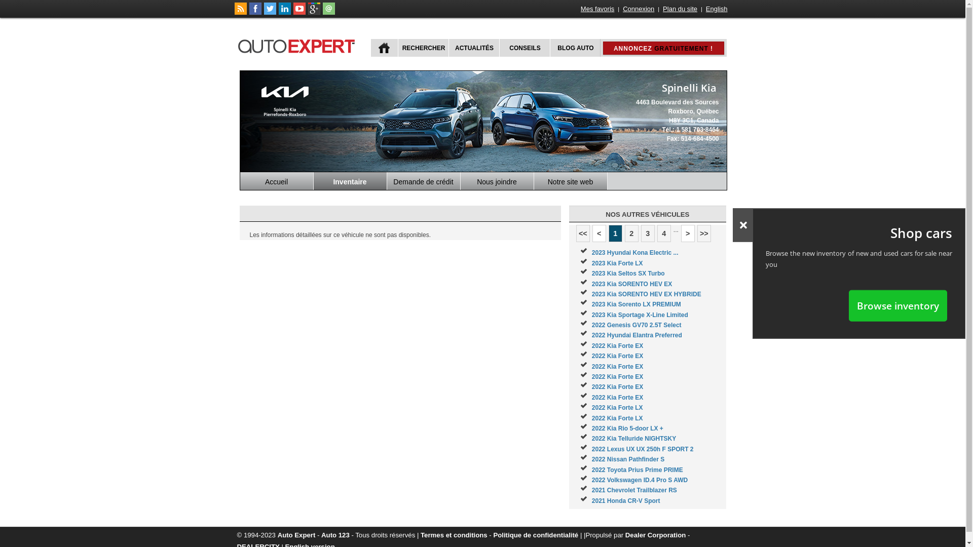  I want to click on '2022 Kia Forte EX', so click(617, 386).